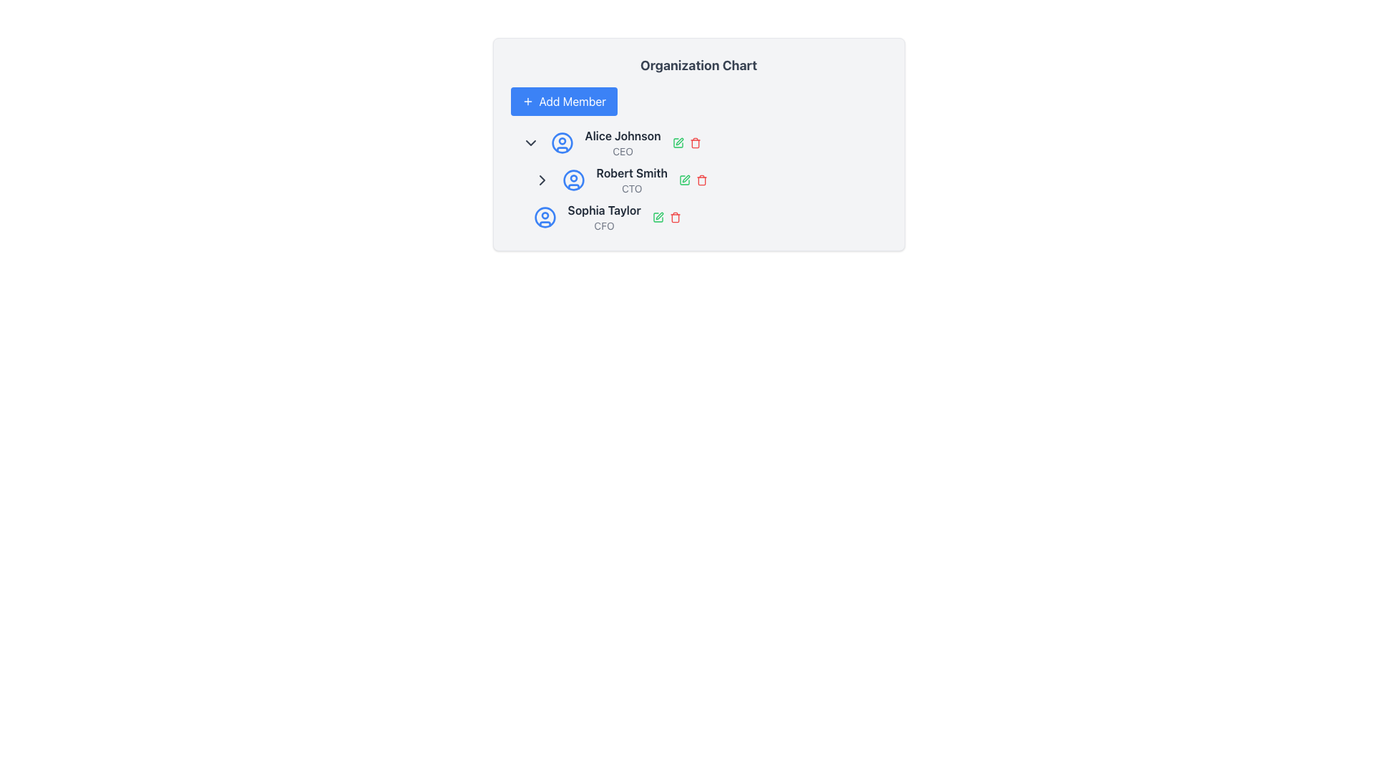 The image size is (1374, 773). I want to click on the Text Display that shows the user's name 'Alice Johnson' and title 'CEO' under the 'Organization Chart' heading, located to the right of the circular profile icon, so click(623, 143).